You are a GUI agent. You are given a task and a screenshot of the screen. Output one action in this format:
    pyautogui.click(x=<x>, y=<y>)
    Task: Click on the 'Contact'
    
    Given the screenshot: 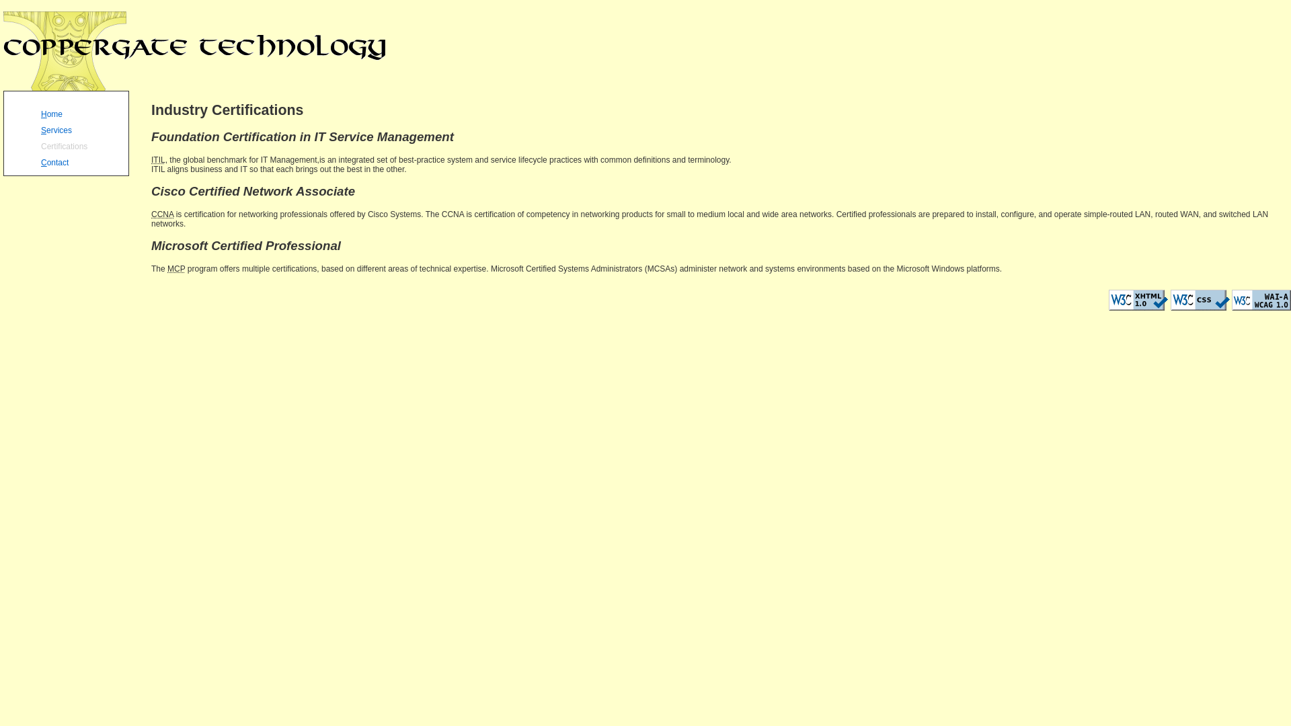 What is the action you would take?
    pyautogui.click(x=82, y=160)
    